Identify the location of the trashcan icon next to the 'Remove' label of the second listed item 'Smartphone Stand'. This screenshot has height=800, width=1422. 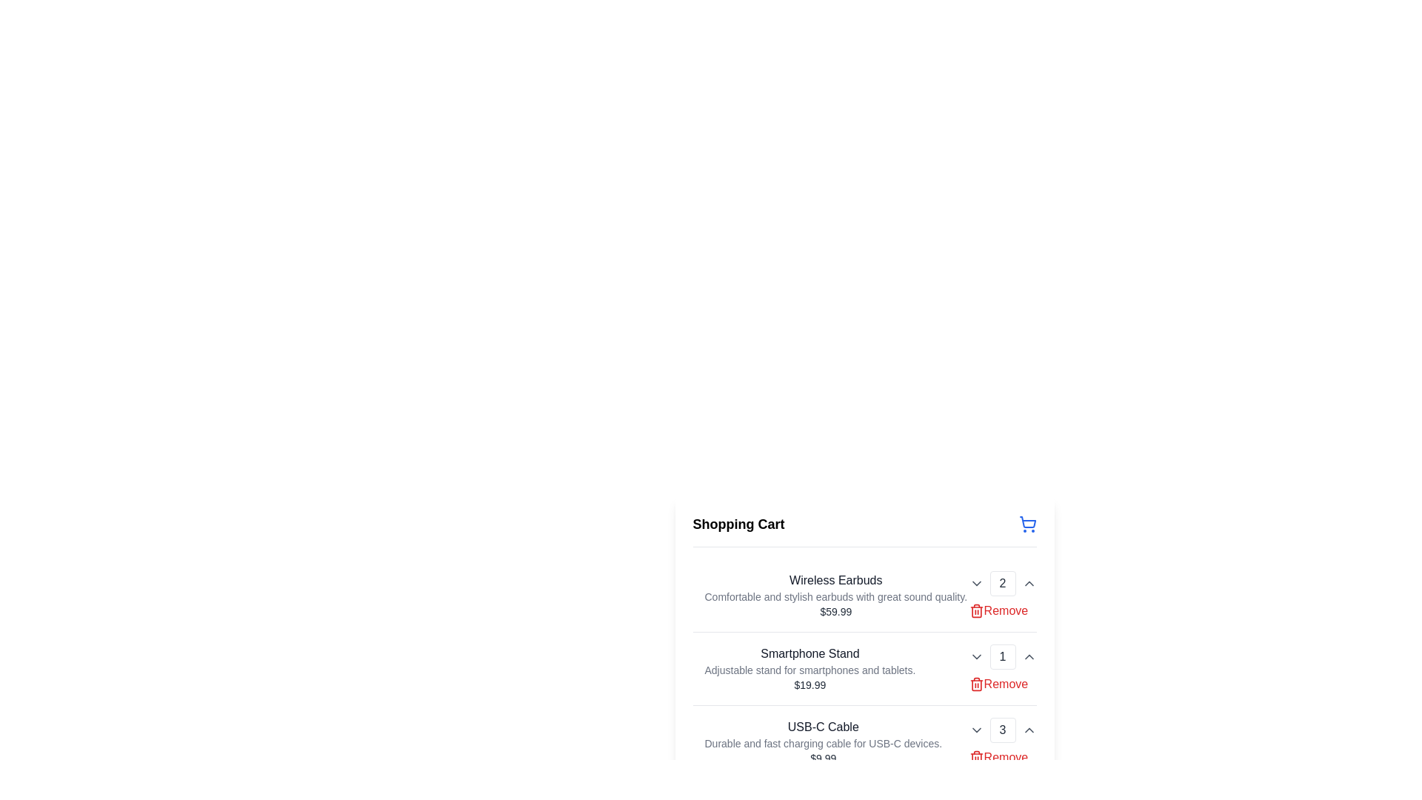
(976, 685).